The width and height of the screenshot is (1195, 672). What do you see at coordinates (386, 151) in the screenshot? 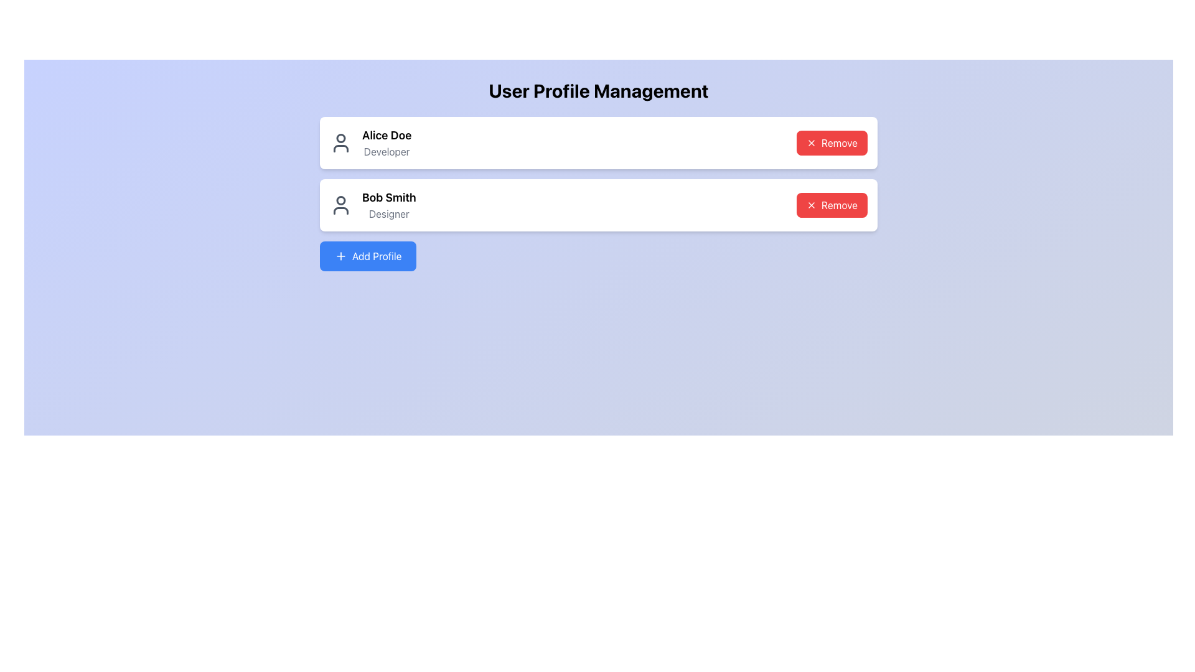
I see `the text label displaying 'Developer' located directly beneath 'Alice Doe' in the profile card` at bounding box center [386, 151].